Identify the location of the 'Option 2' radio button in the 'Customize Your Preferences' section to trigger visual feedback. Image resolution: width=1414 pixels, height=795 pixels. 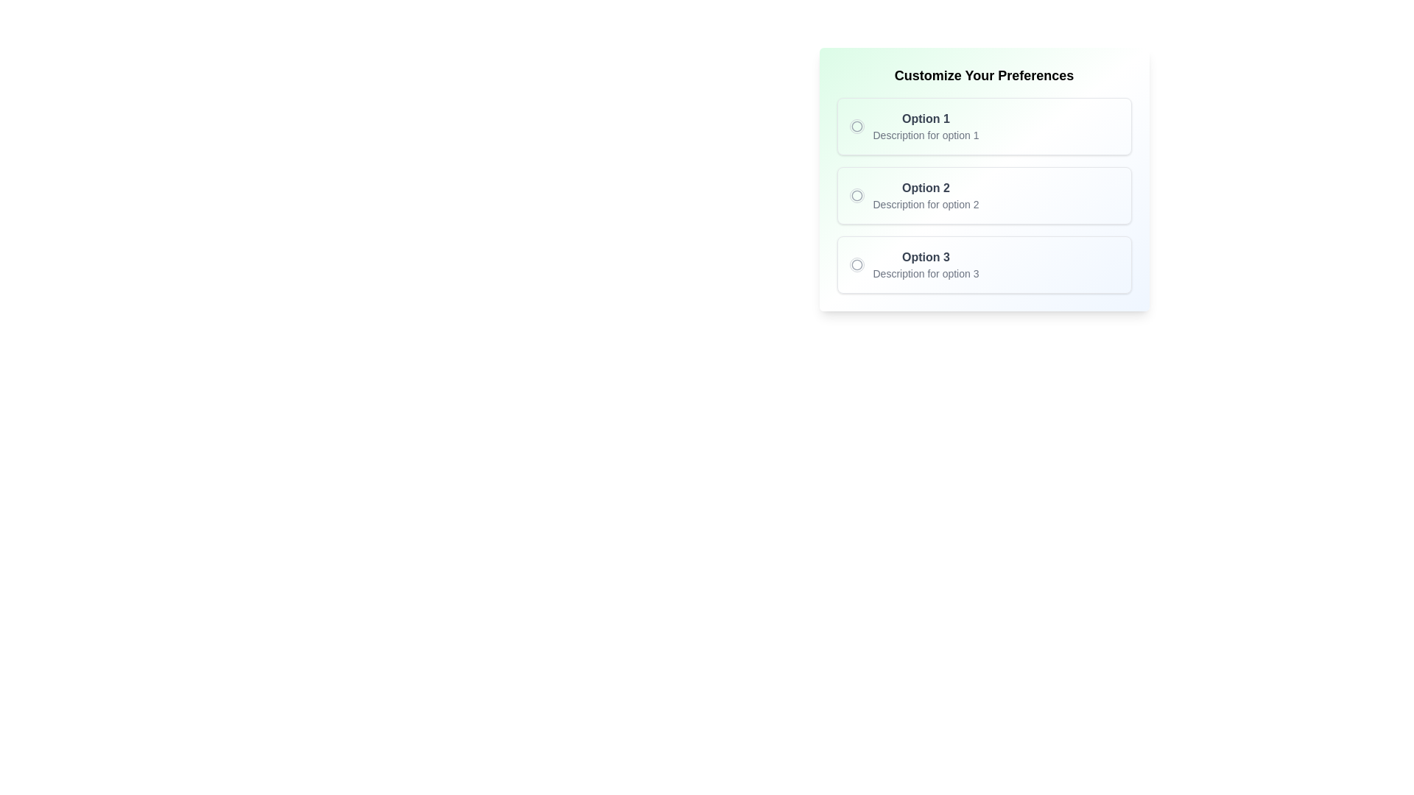
(984, 195).